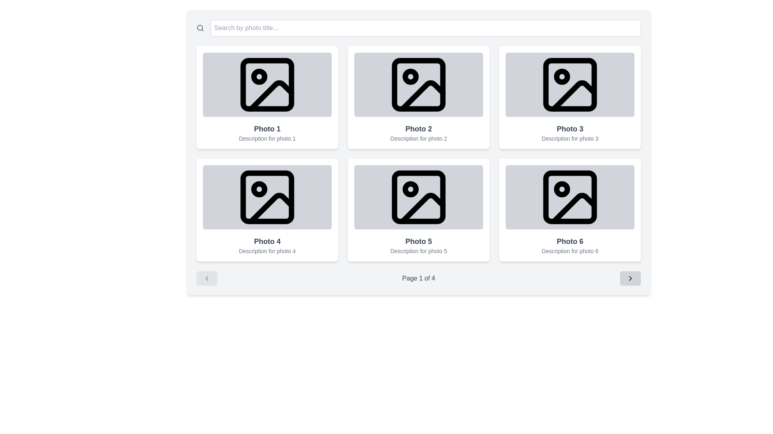  I want to click on the Content card displaying 'Photo 3', so click(570, 97).